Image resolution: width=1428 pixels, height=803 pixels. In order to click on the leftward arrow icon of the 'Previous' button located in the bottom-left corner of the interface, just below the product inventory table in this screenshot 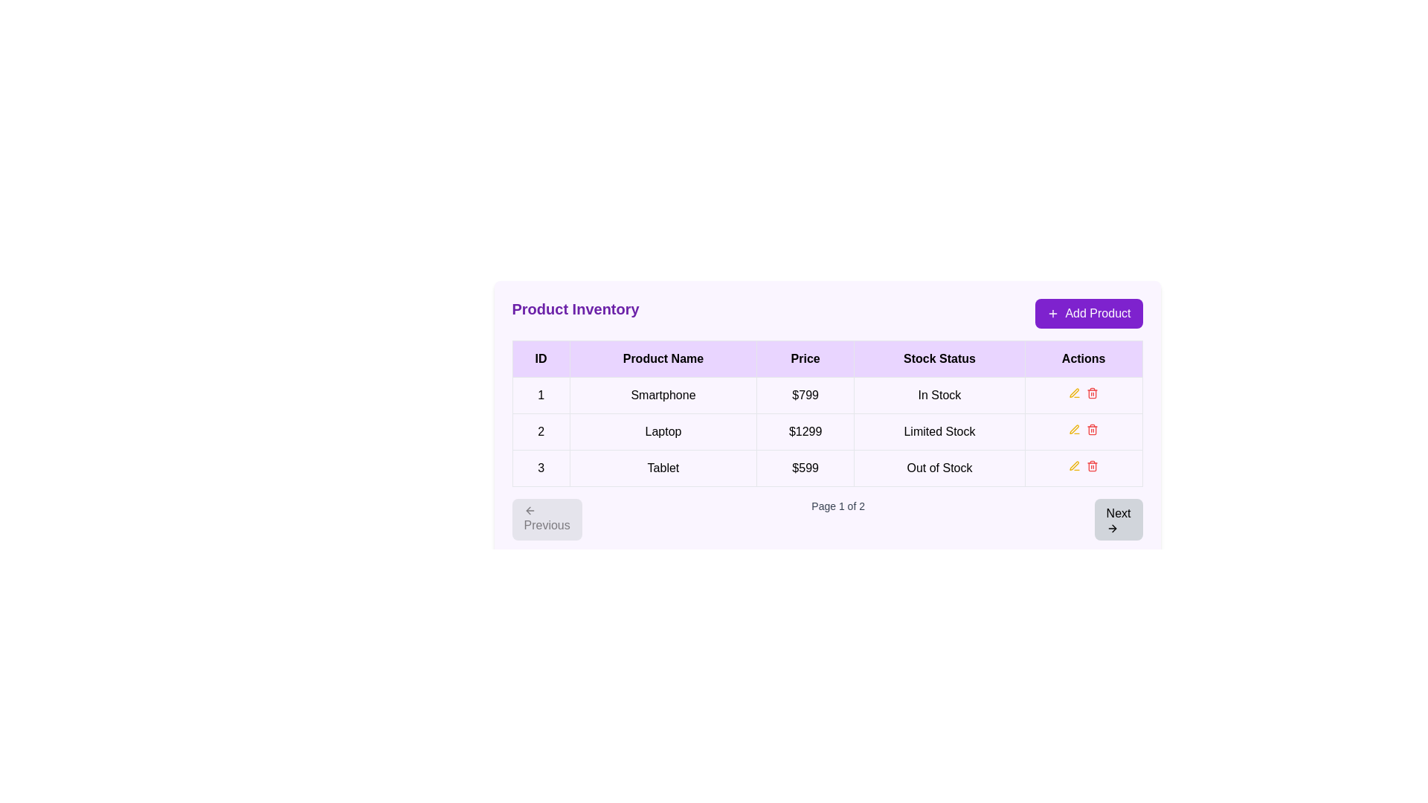, I will do `click(530, 509)`.